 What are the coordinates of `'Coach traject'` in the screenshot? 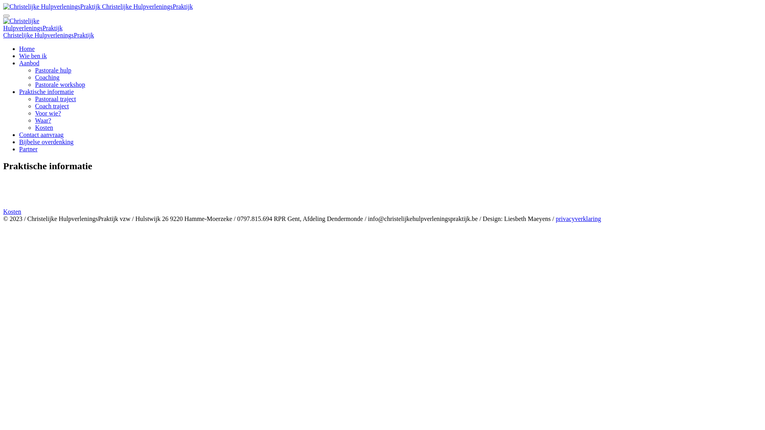 It's located at (34, 106).